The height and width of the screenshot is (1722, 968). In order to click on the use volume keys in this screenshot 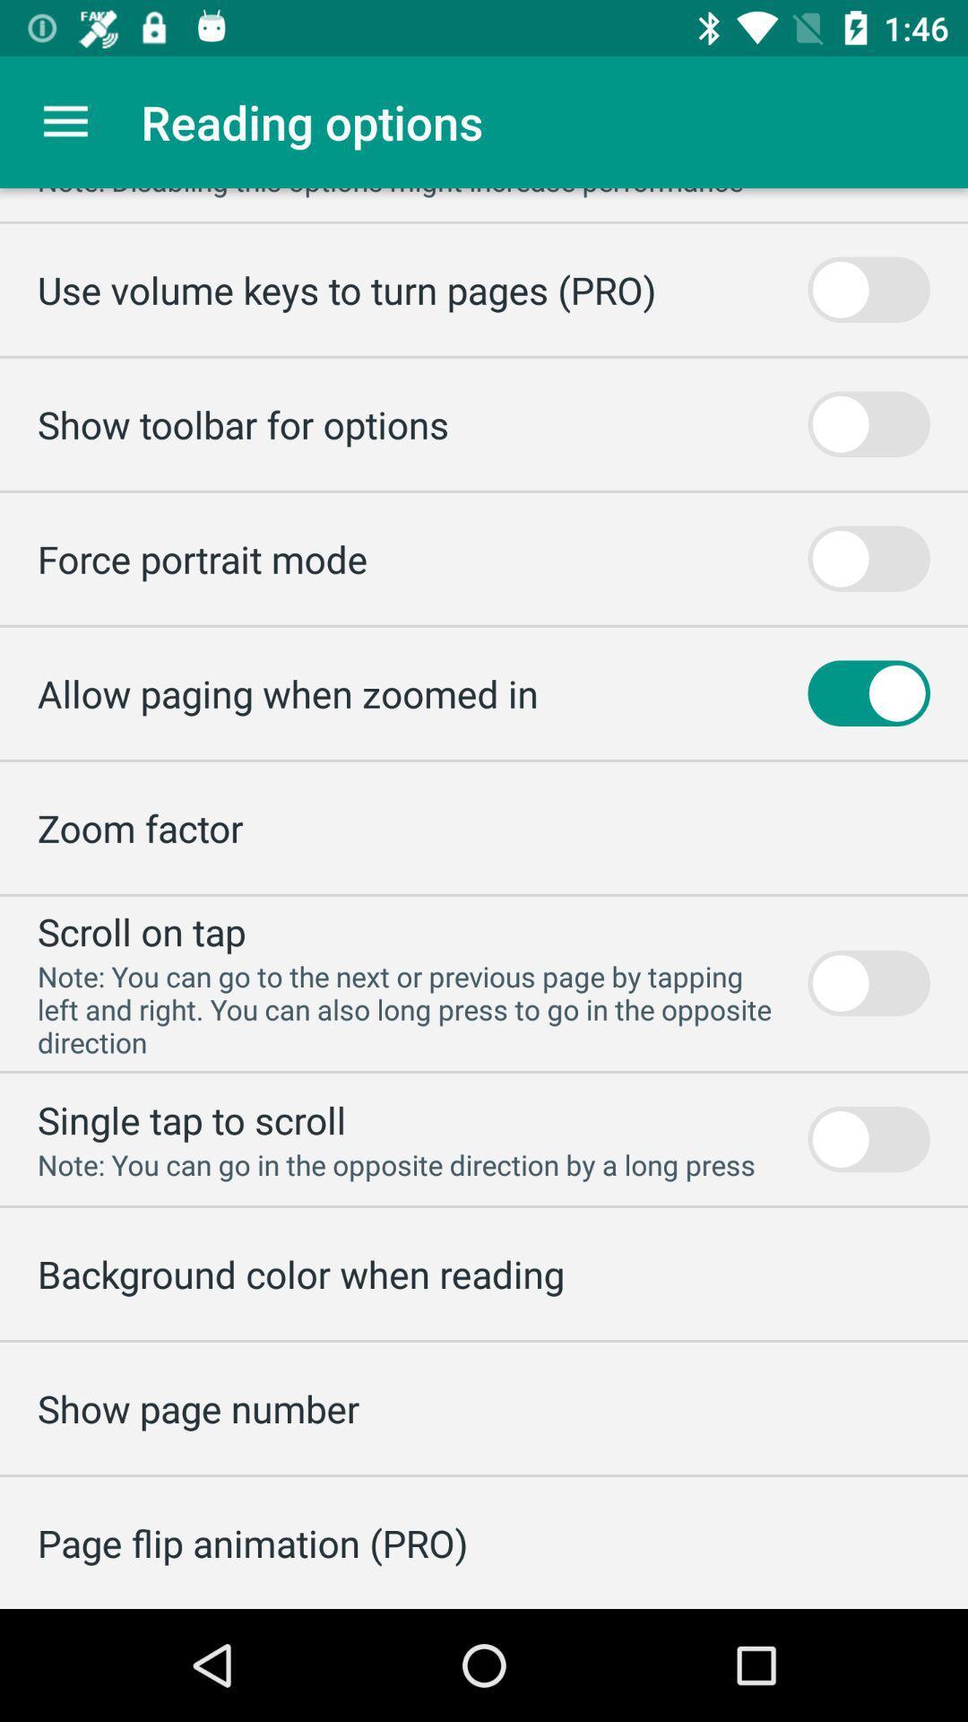, I will do `click(346, 290)`.